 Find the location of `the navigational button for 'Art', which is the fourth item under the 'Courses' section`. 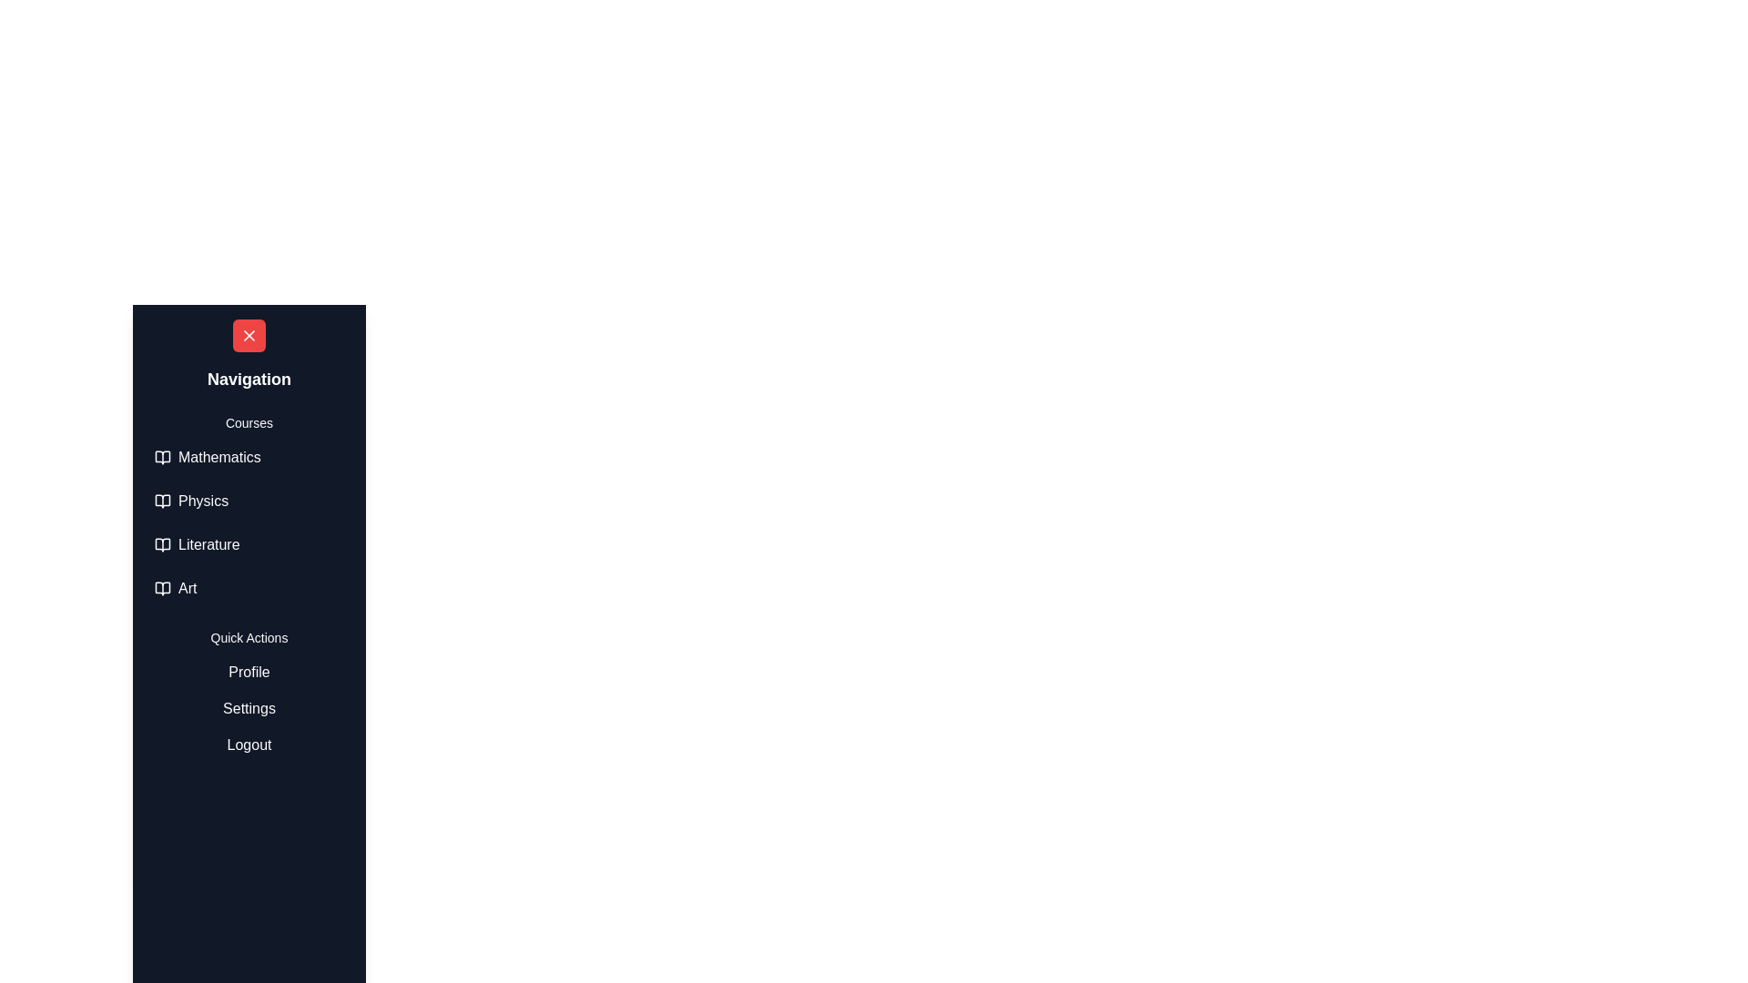

the navigational button for 'Art', which is the fourth item under the 'Courses' section is located at coordinates (248, 589).